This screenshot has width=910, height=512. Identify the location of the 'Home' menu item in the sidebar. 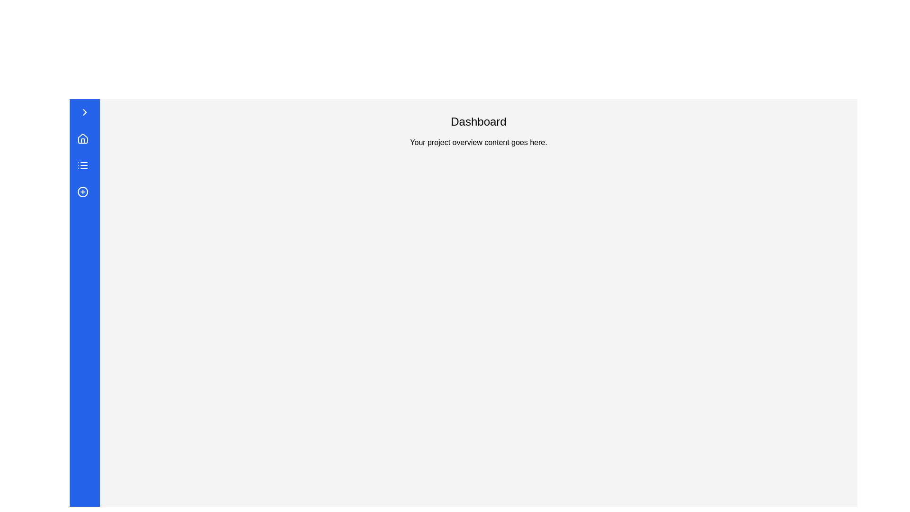
(82, 139).